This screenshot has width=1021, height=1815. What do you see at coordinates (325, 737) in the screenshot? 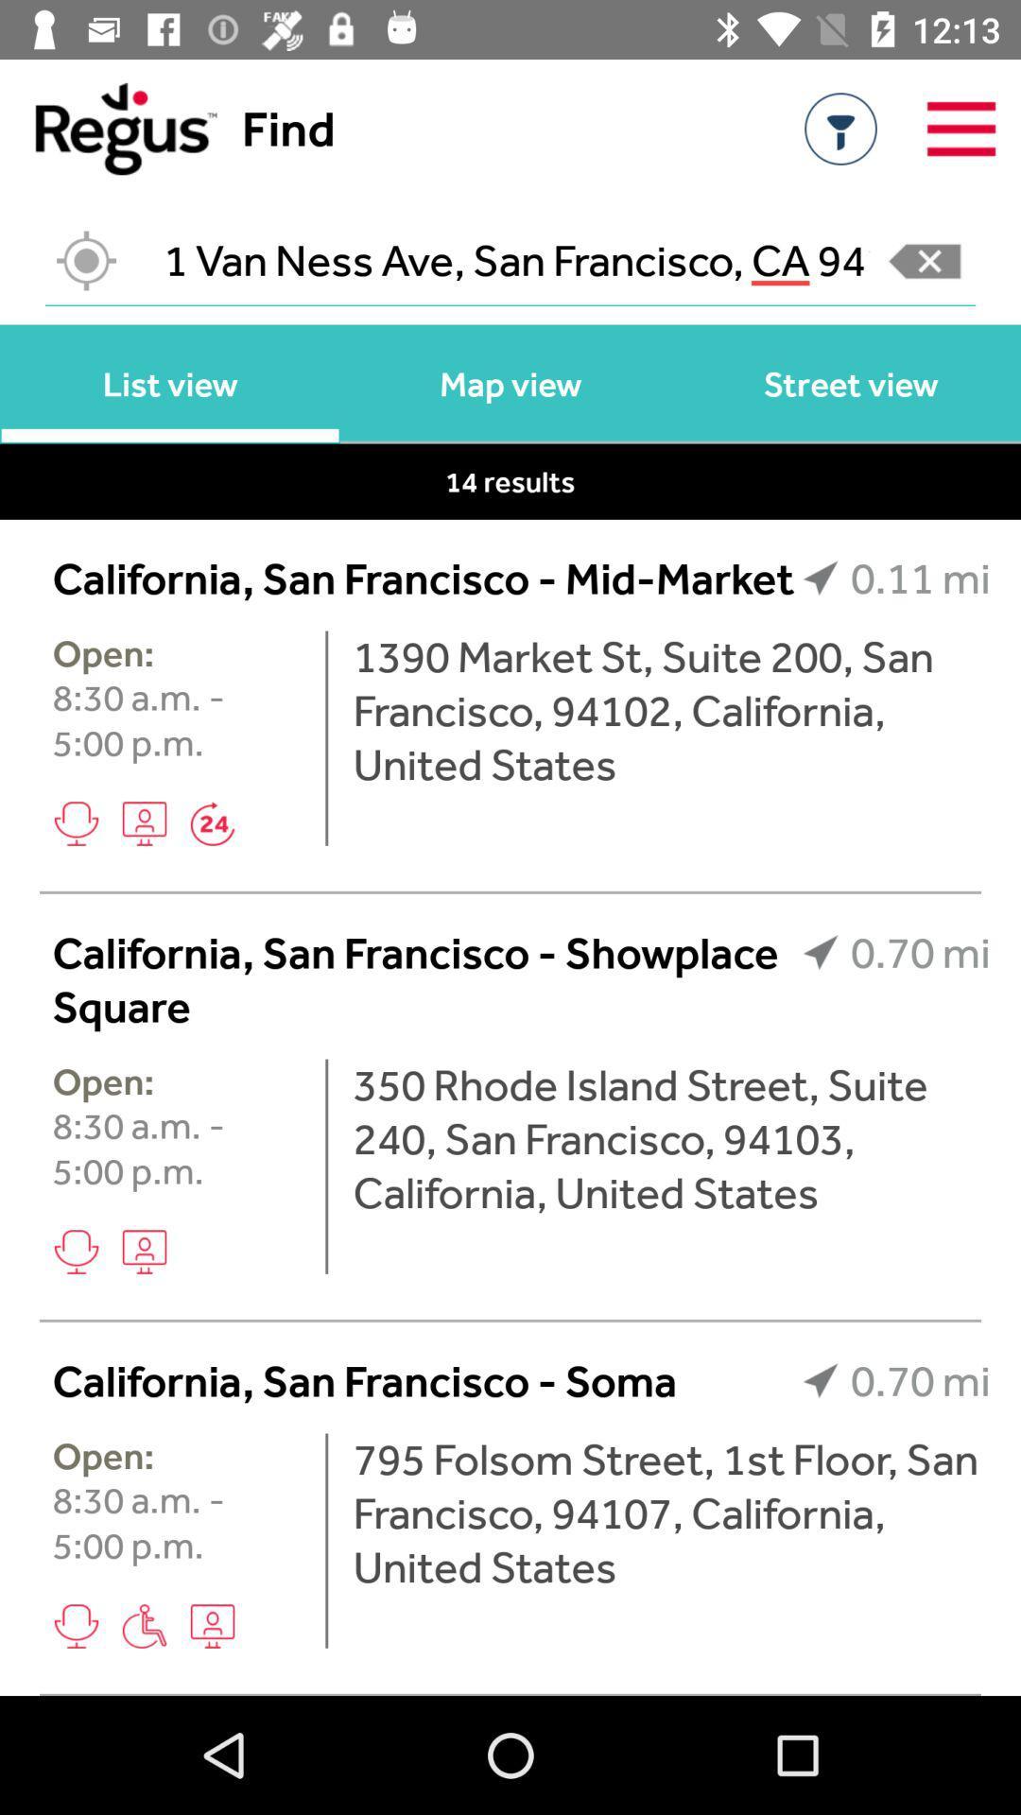
I see `the item next to 1390 market st icon` at bounding box center [325, 737].